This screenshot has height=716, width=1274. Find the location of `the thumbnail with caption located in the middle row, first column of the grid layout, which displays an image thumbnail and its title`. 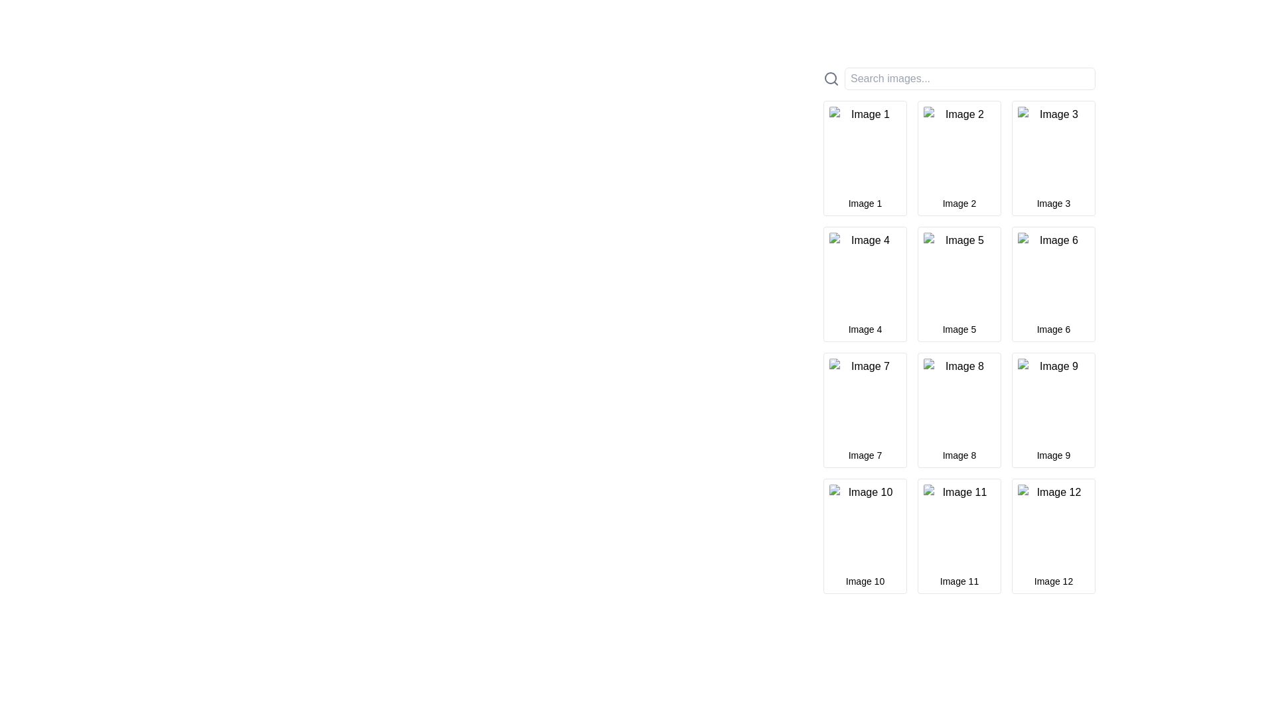

the thumbnail with caption located in the middle row, first column of the grid layout, which displays an image thumbnail and its title is located at coordinates (865, 409).